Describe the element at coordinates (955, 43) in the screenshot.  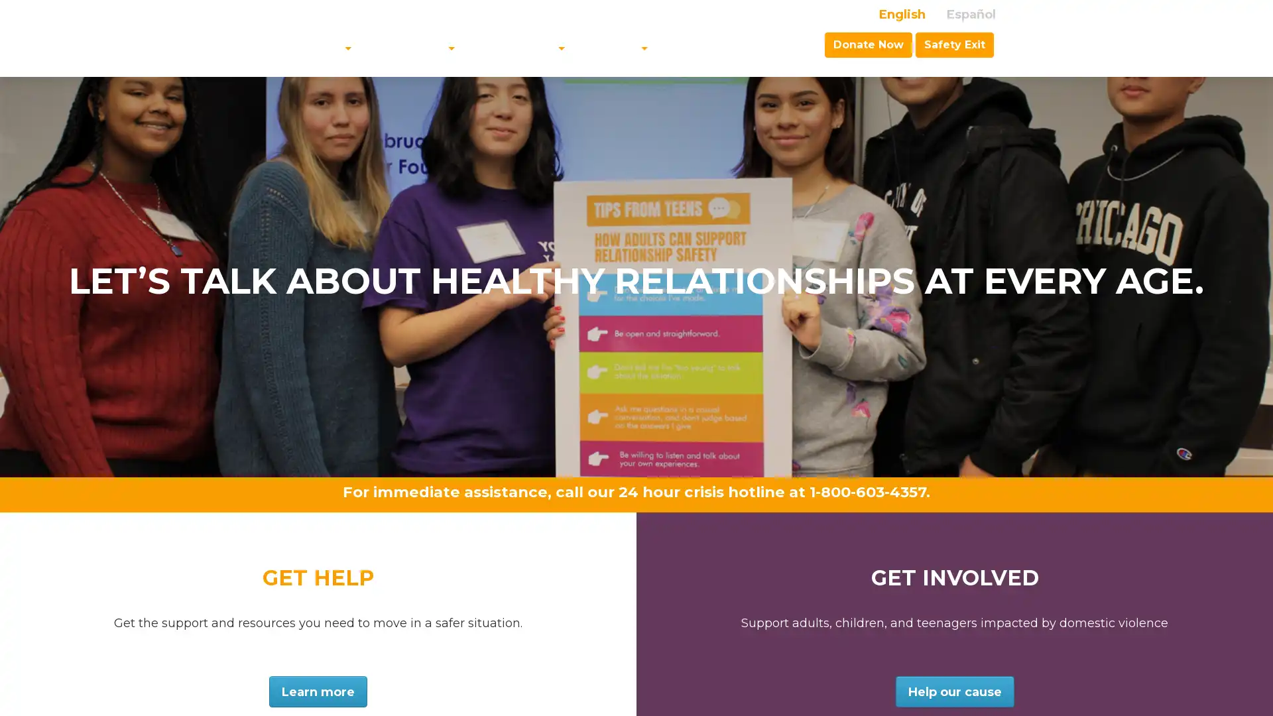
I see `Safety Exit` at that location.